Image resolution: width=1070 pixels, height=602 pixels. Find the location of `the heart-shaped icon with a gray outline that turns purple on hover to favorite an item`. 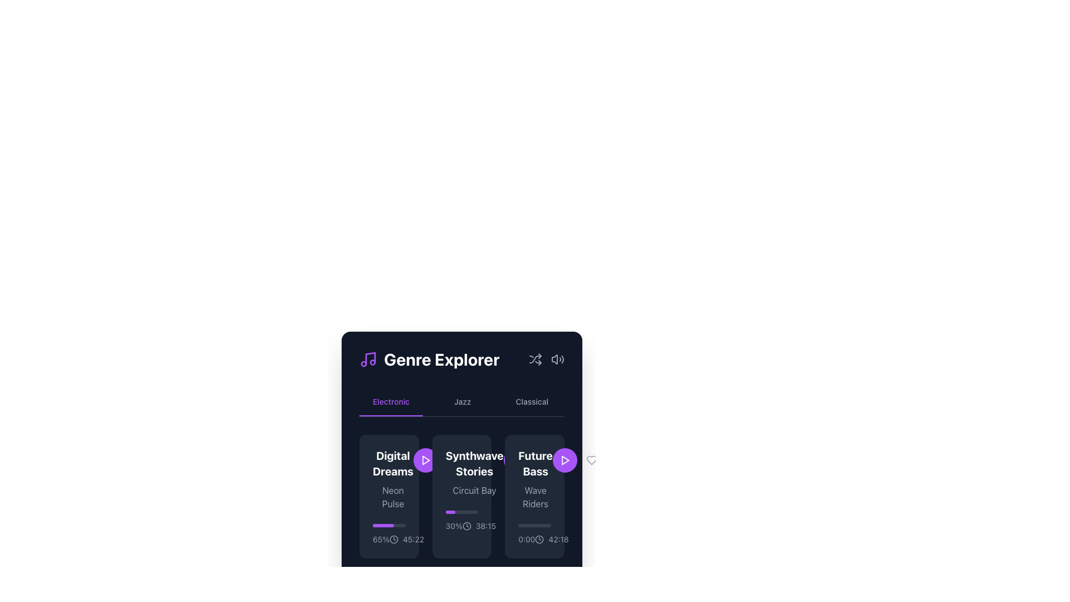

the heart-shaped icon with a gray outline that turns purple on hover to favorite an item is located at coordinates (591, 460).